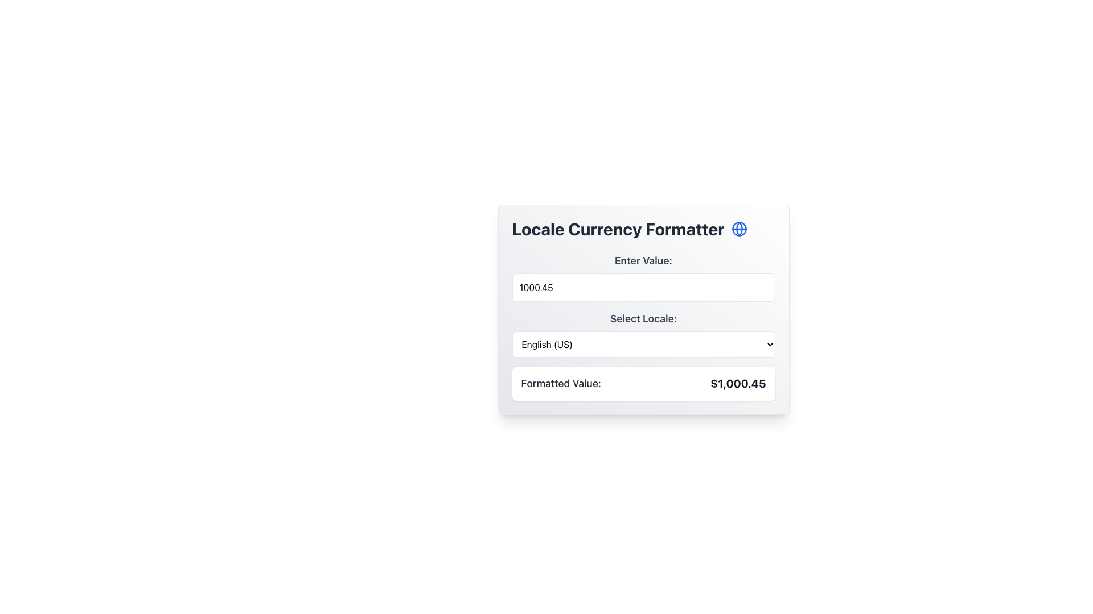 This screenshot has width=1093, height=614. Describe the element at coordinates (643, 318) in the screenshot. I see `the heading text 'Select Locale:' which is styled in gray and positioned above the dropdown menu in the 'Locale Selector' component` at that location.